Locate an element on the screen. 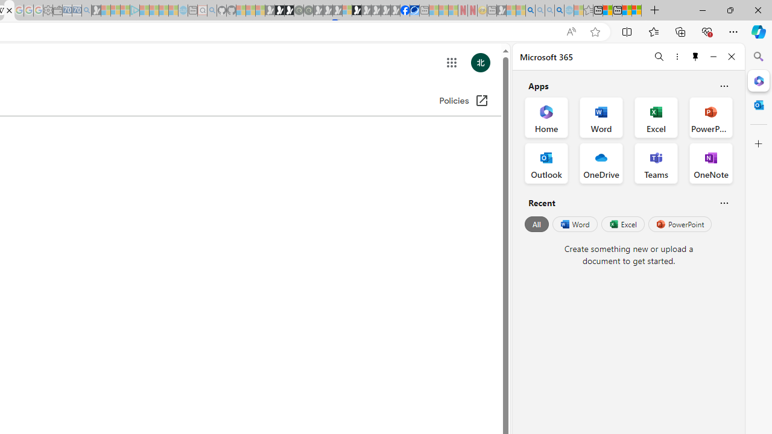 The image size is (772, 434). 'Bing AI - Search' is located at coordinates (530, 10).